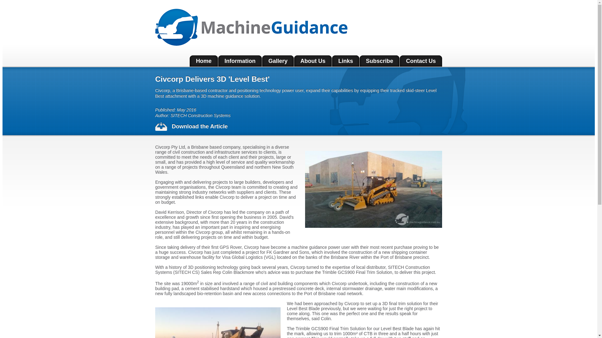  I want to click on 'Subscribe', so click(379, 61).